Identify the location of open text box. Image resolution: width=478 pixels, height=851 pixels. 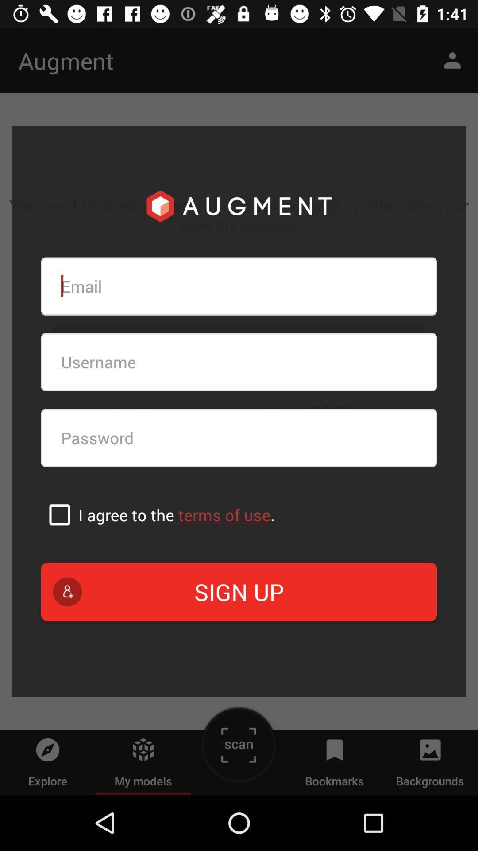
(239, 286).